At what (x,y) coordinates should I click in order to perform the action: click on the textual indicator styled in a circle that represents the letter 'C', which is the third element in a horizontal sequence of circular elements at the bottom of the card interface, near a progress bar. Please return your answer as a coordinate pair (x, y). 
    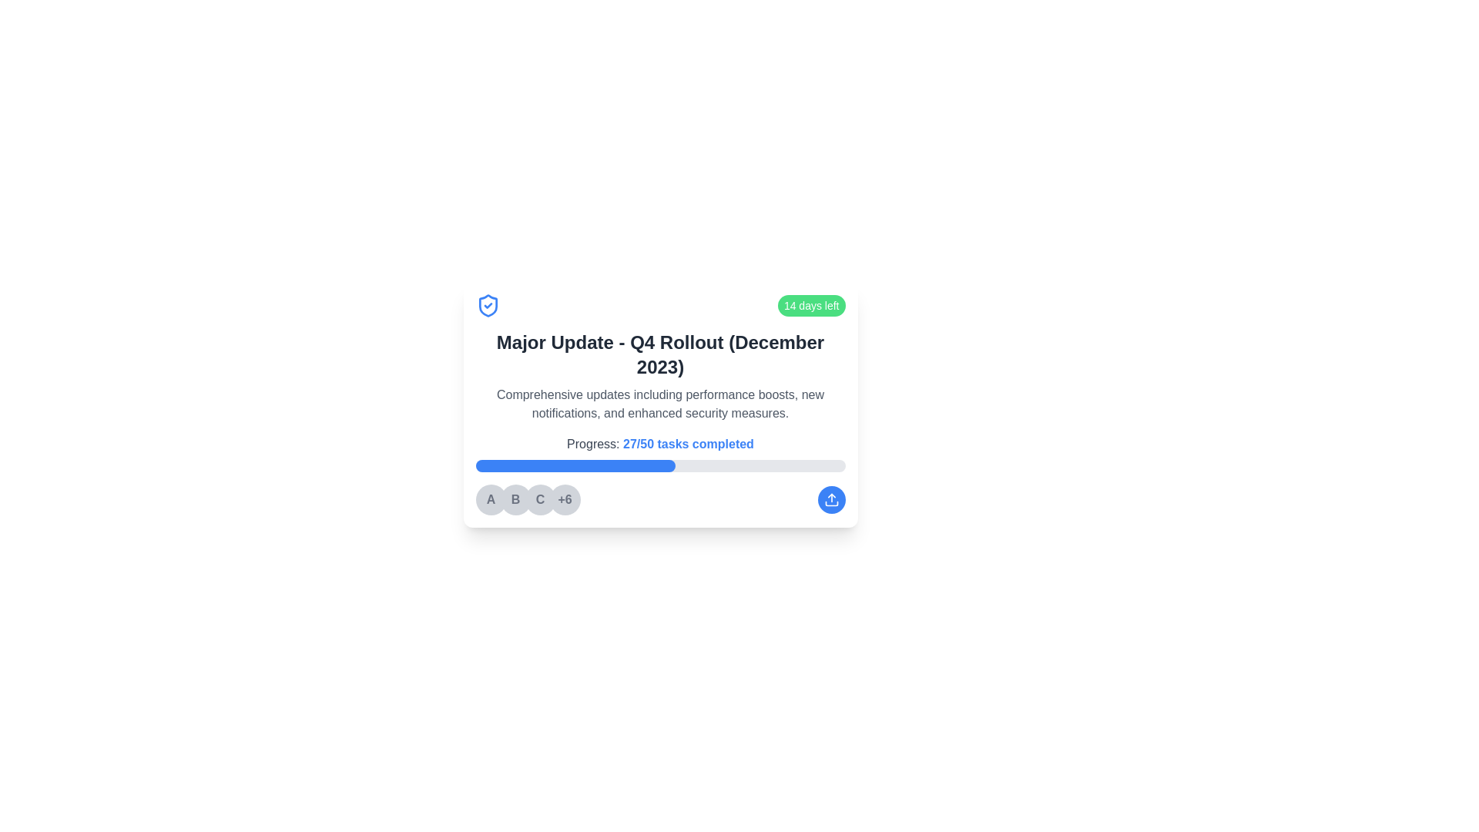
    Looking at the image, I should click on (540, 499).